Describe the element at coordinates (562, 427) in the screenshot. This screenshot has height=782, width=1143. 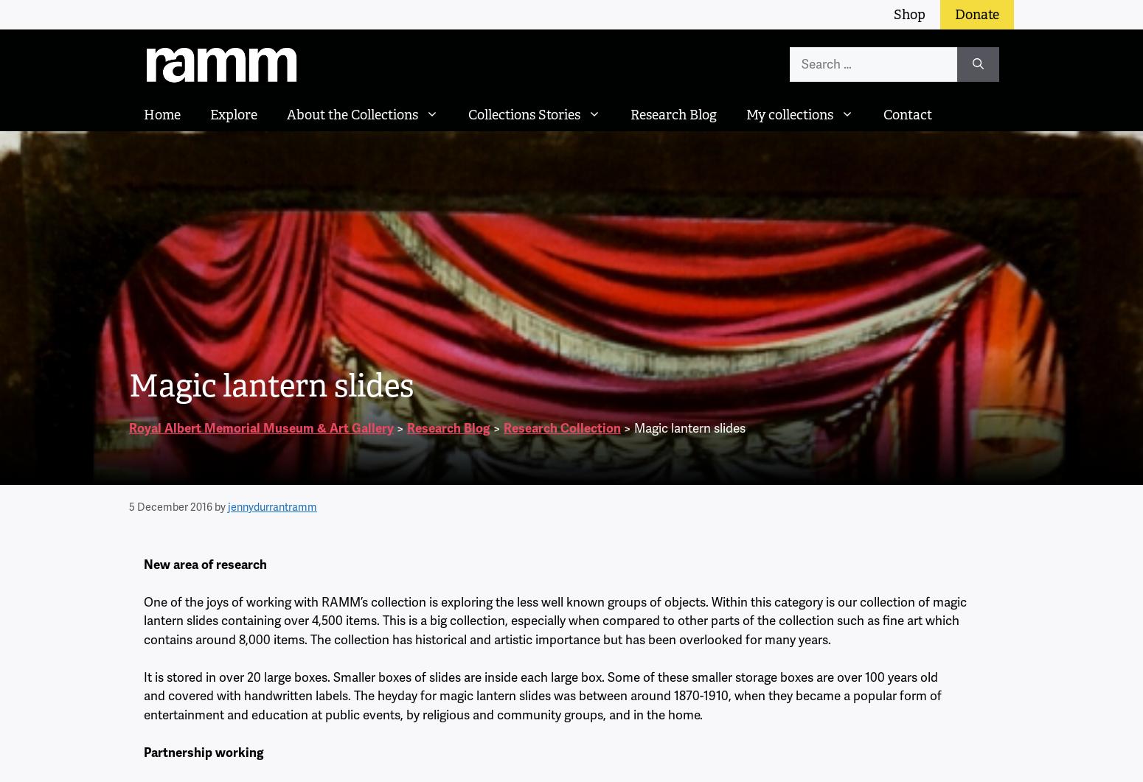
I see `'Research Collection'` at that location.